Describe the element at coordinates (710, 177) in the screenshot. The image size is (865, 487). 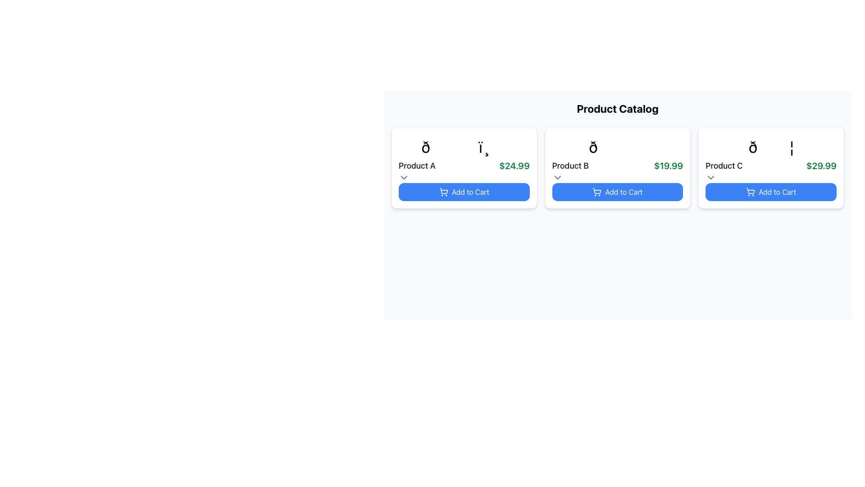
I see `the downward chevron icon within the Product C card` at that location.